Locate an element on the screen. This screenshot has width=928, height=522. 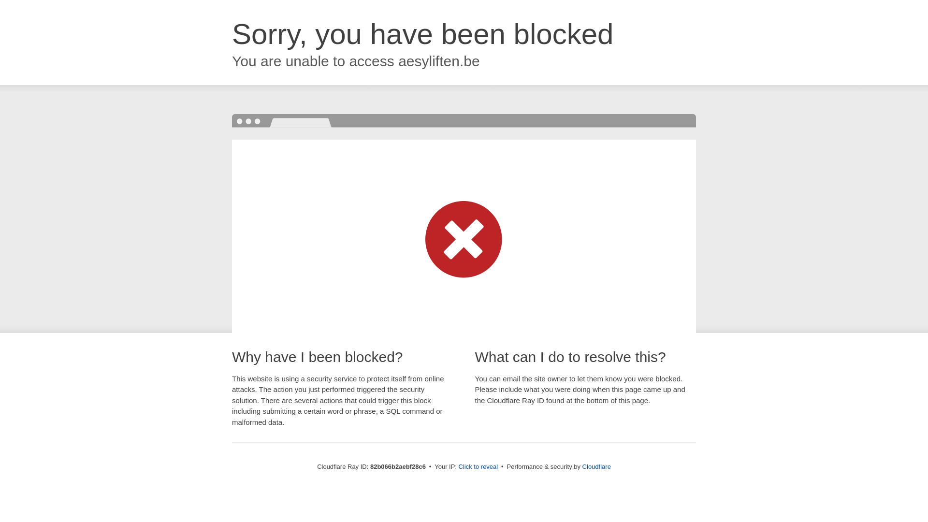
'Click to reveal' is located at coordinates (458, 466).